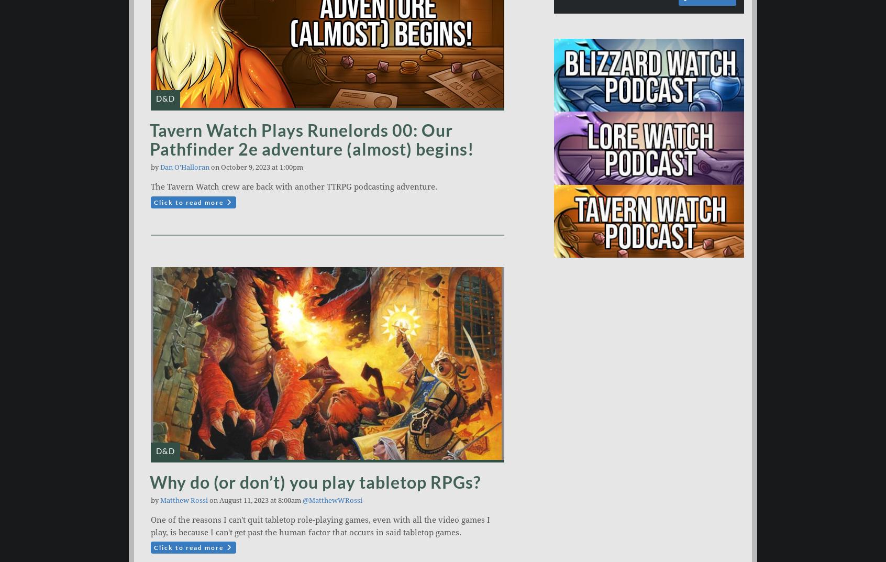 The width and height of the screenshot is (886, 562). What do you see at coordinates (294, 186) in the screenshot?
I see `'The Tavern Watch crew are back with another TTRPG podcasting adventure.'` at bounding box center [294, 186].